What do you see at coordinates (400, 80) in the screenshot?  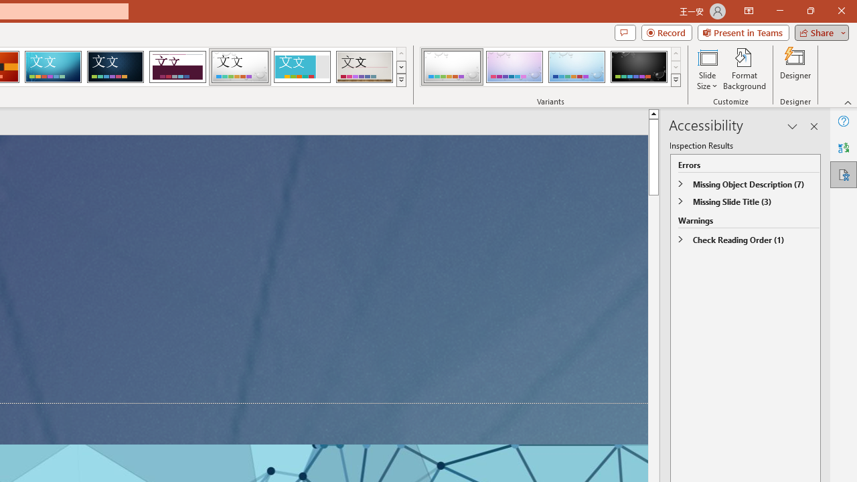 I see `'Themes'` at bounding box center [400, 80].